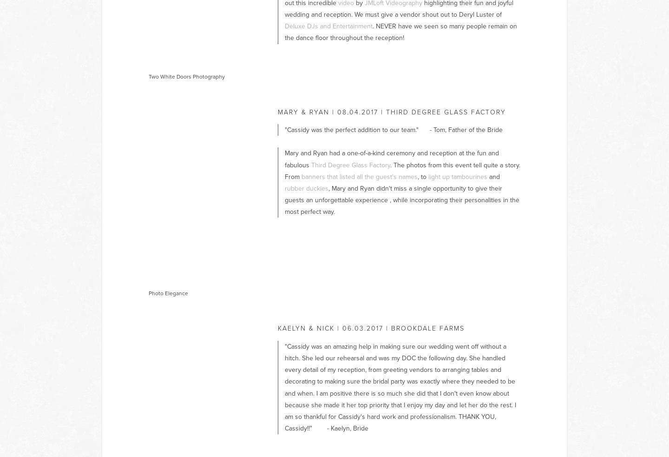 This screenshot has height=457, width=669. I want to click on 'Mary and Ryan had a one-of-a-kind ceremony and reception at the fun and fabulous', so click(392, 158).